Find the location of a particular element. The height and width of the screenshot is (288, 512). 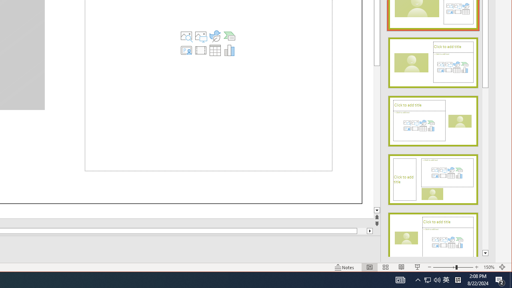

'Zoom 150%' is located at coordinates (488, 267).